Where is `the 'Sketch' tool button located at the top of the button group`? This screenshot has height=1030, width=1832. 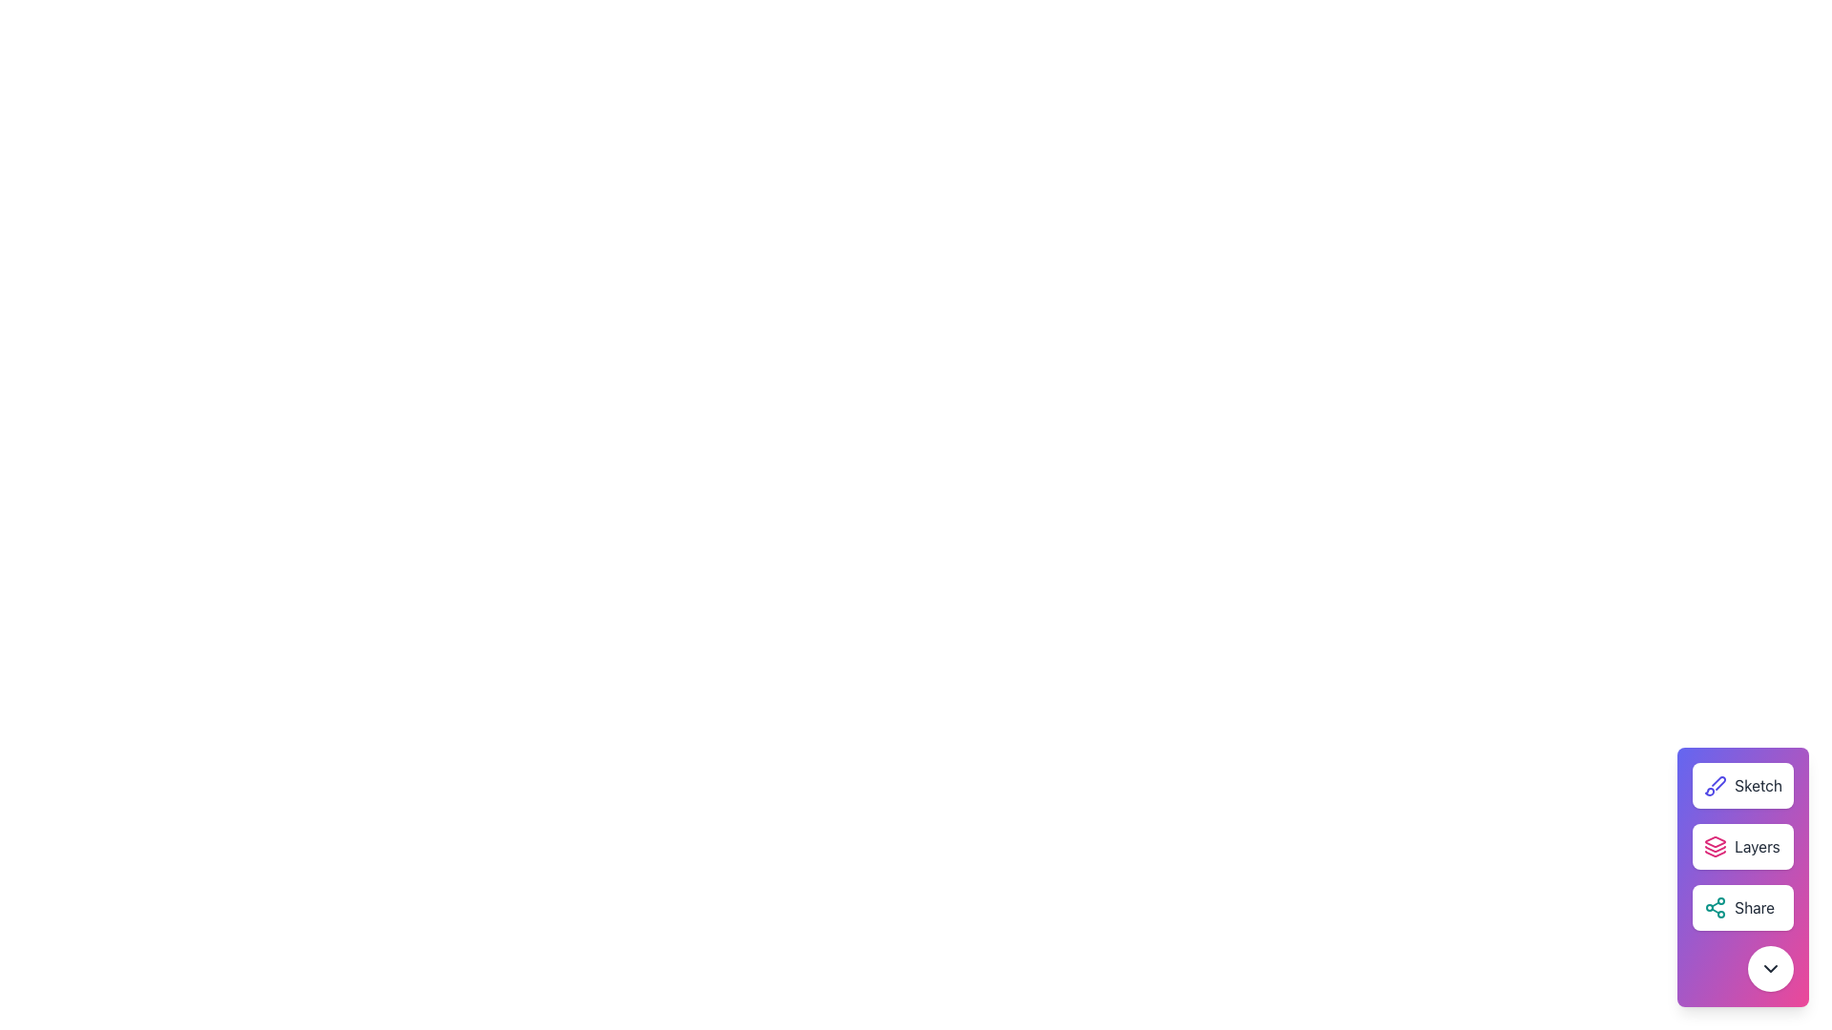 the 'Sketch' tool button located at the top of the button group is located at coordinates (1743, 786).